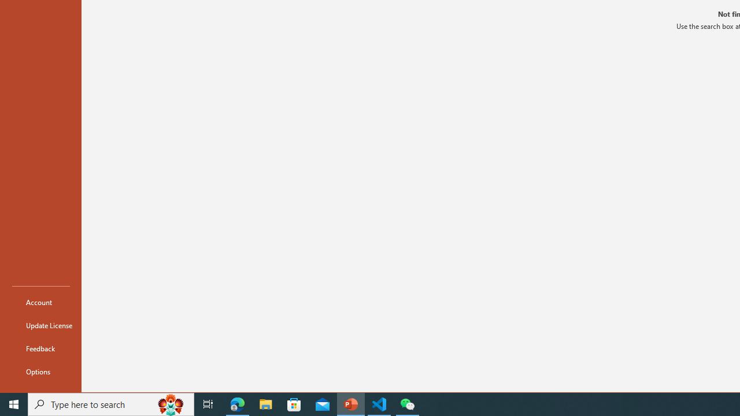  I want to click on 'Update License', so click(41, 325).